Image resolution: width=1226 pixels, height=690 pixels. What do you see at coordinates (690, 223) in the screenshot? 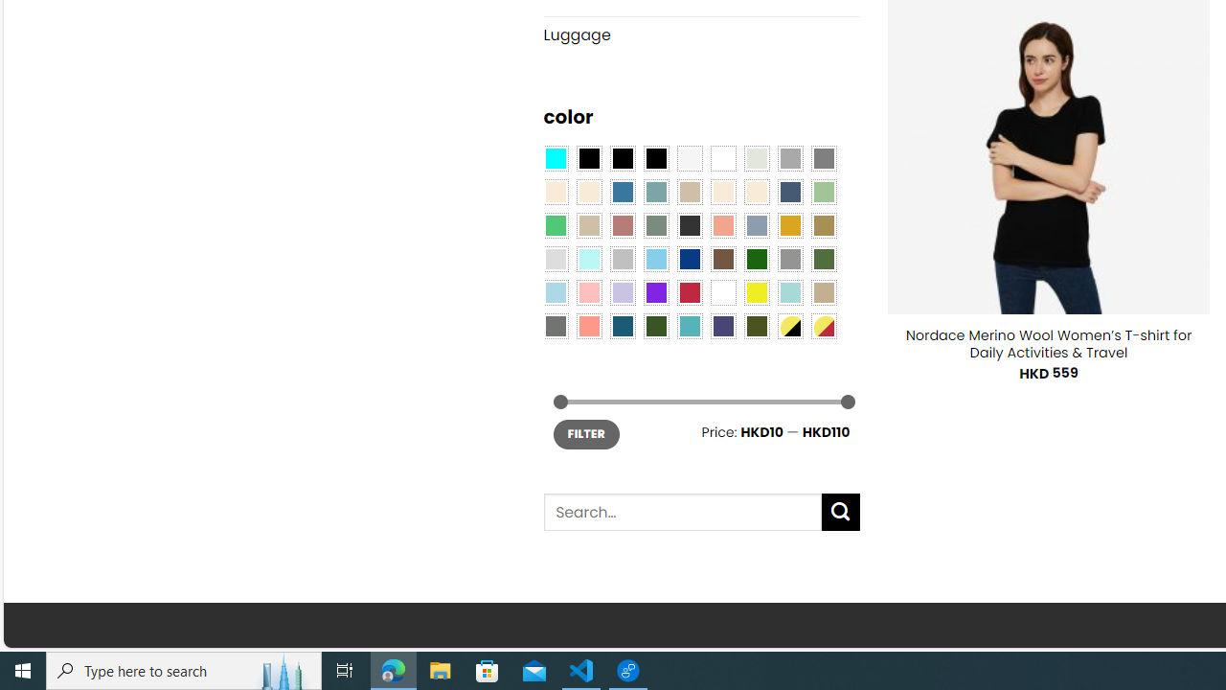
I see `'Charcoal'` at bounding box center [690, 223].